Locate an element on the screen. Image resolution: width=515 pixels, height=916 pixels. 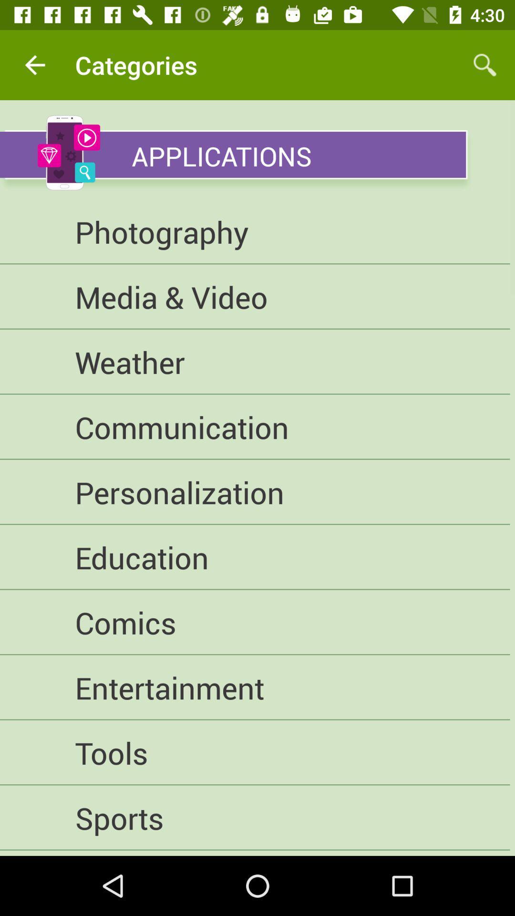
the item to the left of categories icon is located at coordinates (34, 64).